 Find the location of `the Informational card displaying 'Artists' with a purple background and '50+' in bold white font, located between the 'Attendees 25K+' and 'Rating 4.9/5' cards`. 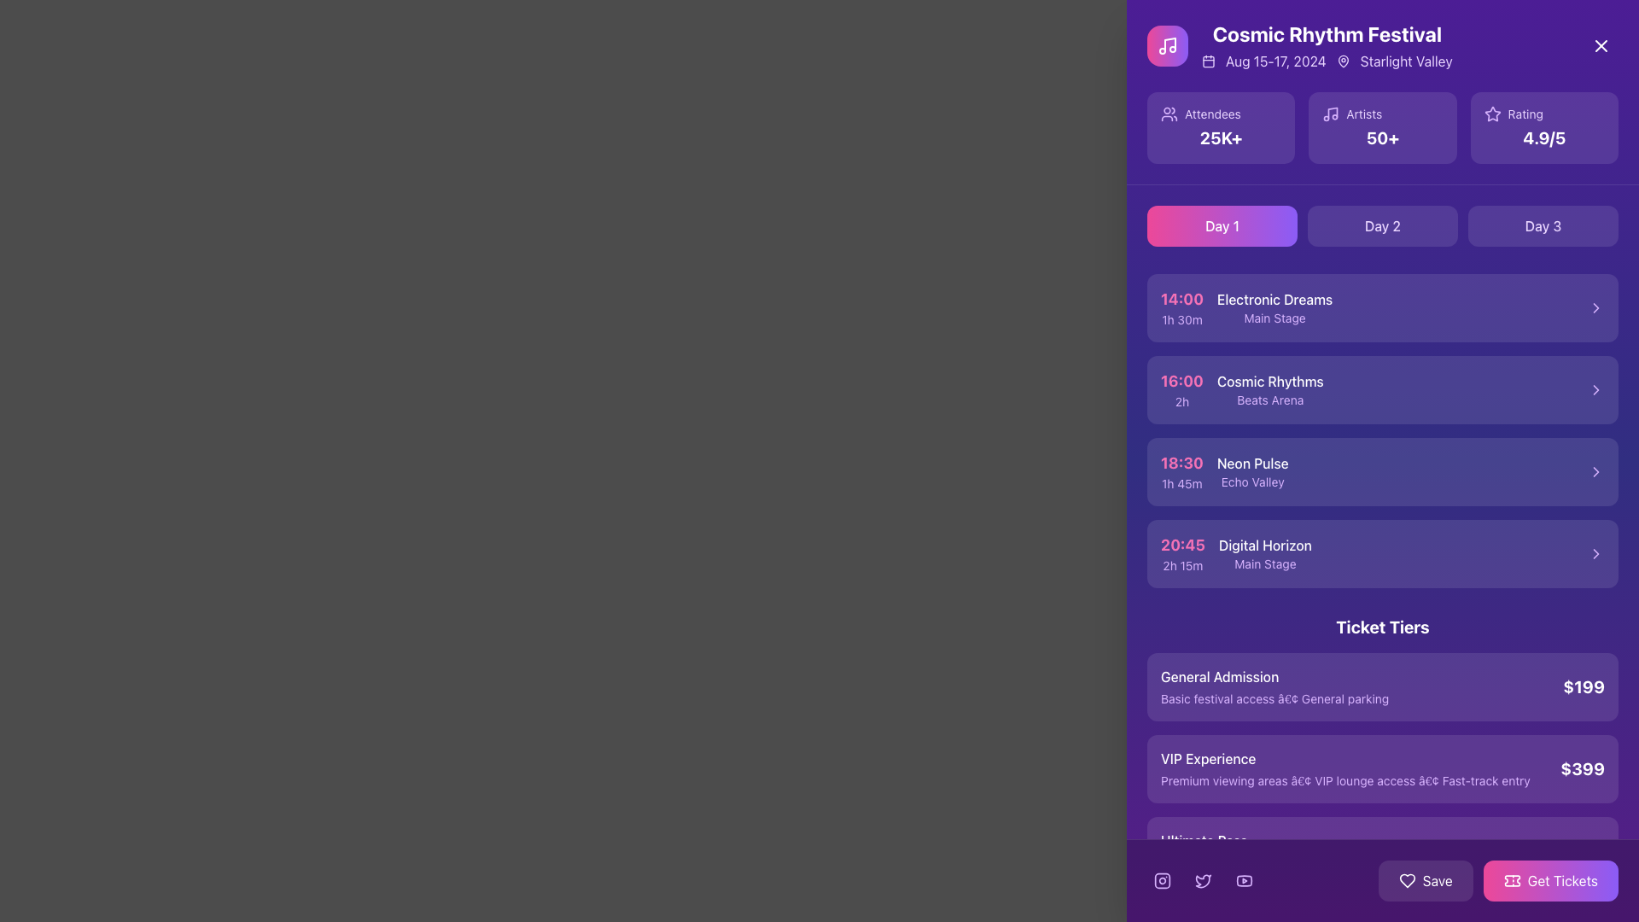

the Informational card displaying 'Artists' with a purple background and '50+' in bold white font, located between the 'Attendees 25K+' and 'Rating 4.9/5' cards is located at coordinates (1382, 127).